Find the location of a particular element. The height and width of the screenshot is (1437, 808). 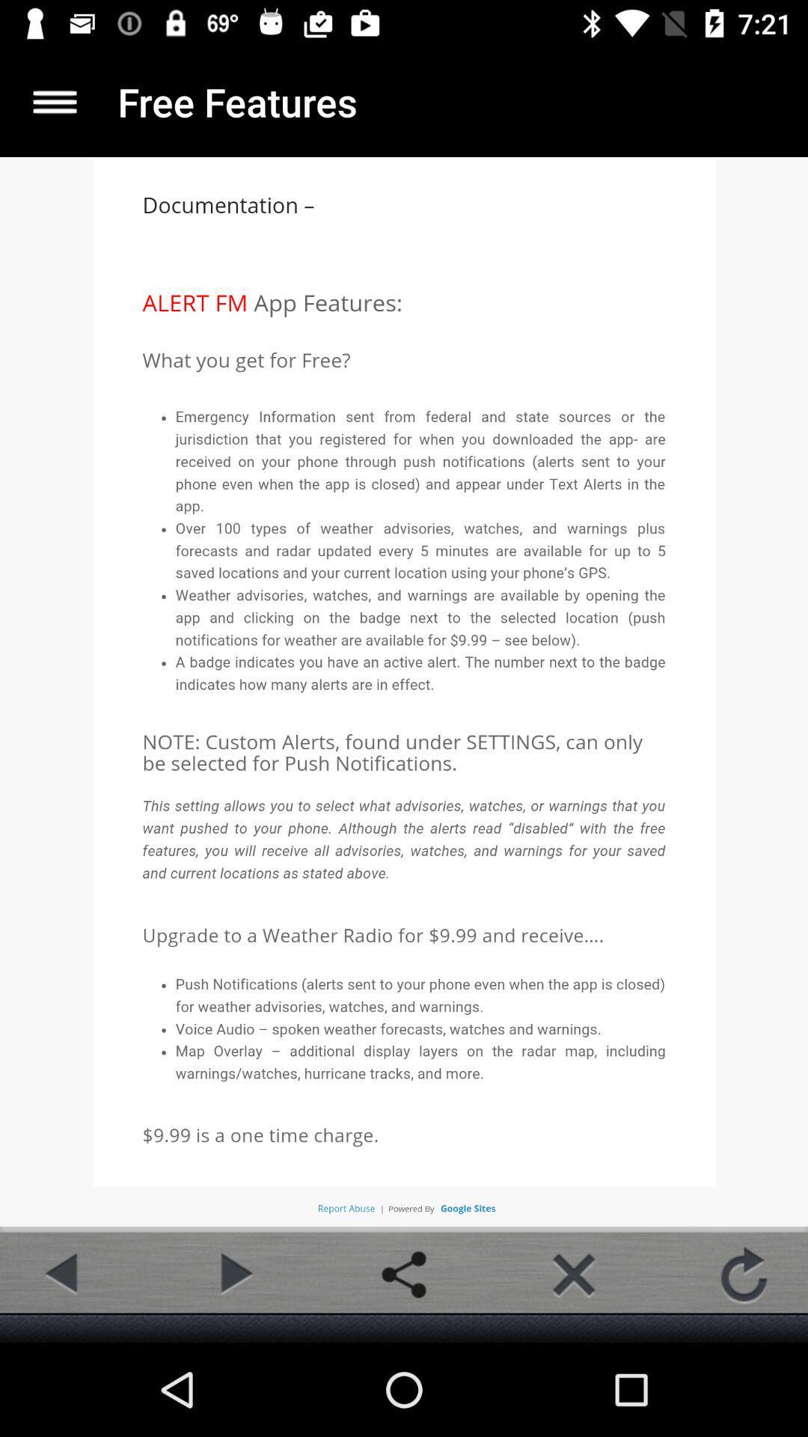

next the option is located at coordinates (233, 1274).